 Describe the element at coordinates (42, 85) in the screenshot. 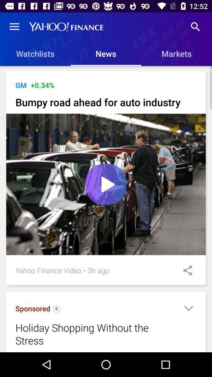

I see `icon to the right of gm` at that location.